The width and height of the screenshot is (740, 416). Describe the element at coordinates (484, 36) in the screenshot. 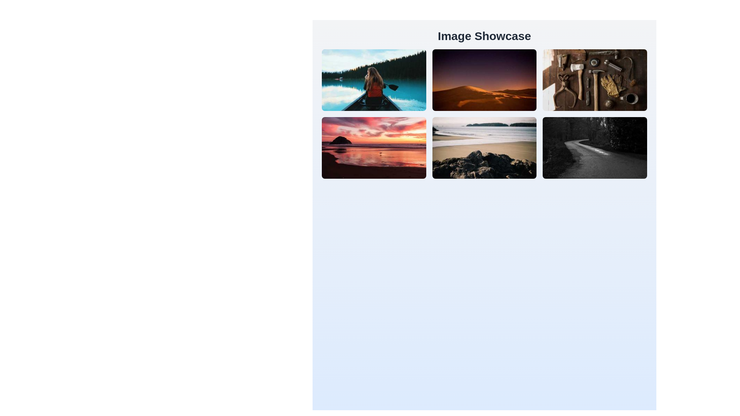

I see `static text label 'Image Showcase' which is bold and large, centered horizontally at the top of the grid layout` at that location.